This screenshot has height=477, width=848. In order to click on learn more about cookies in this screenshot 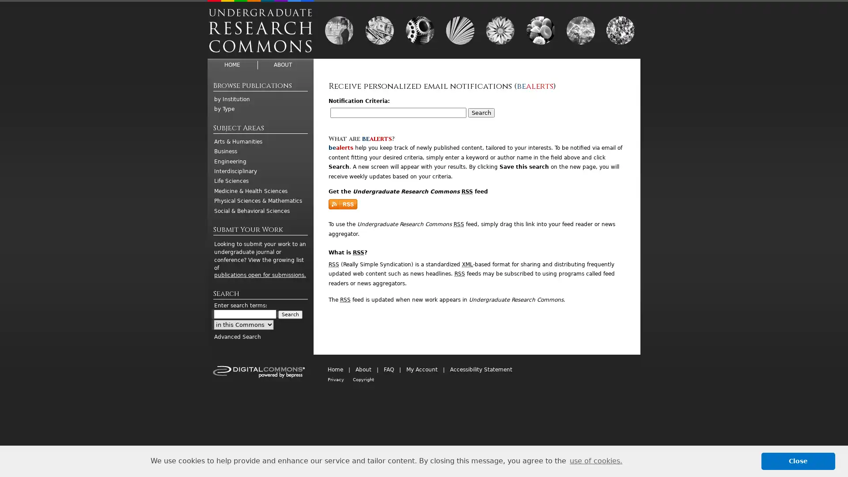, I will do `click(595, 461)`.